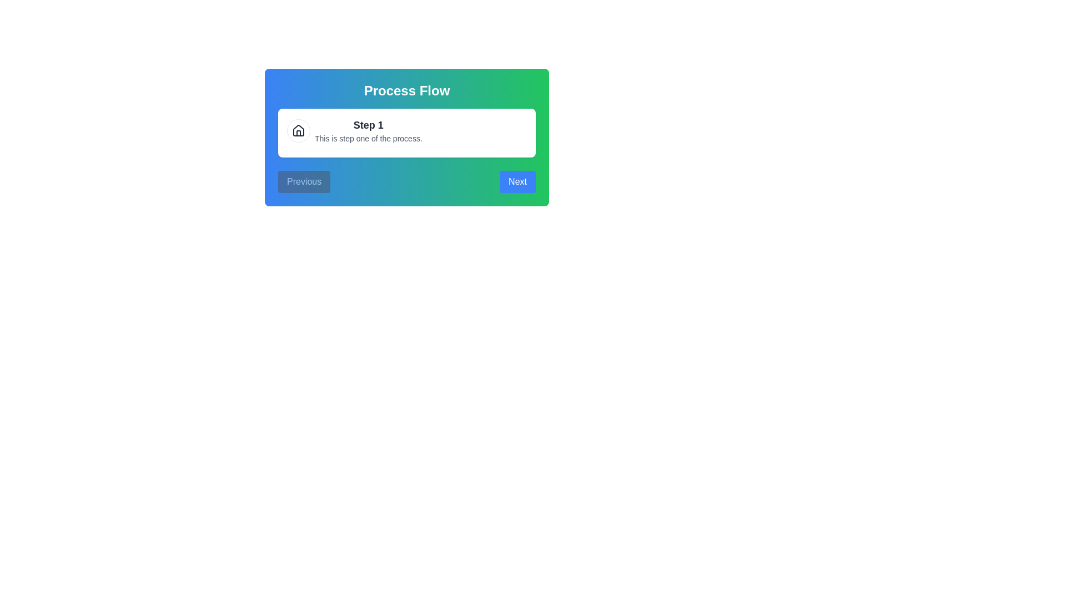 This screenshot has width=1066, height=599. I want to click on the Icon Button located to the left of the text 'Step 1' and 'This is step one of the process.', so click(298, 130).